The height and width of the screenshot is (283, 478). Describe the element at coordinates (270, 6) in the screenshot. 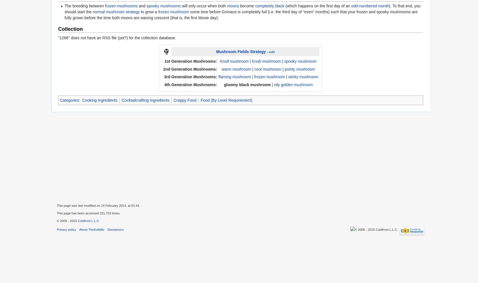

I see `'completely black'` at that location.